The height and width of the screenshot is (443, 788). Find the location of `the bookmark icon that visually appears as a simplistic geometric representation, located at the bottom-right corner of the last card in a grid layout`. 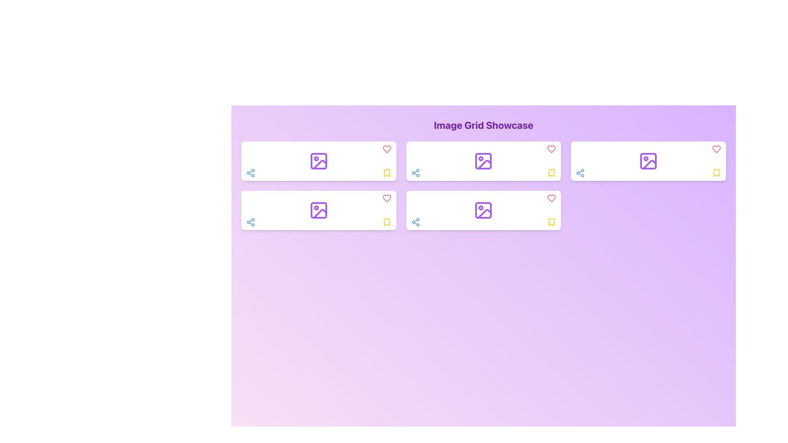

the bookmark icon that visually appears as a simplistic geometric representation, located at the bottom-right corner of the last card in a grid layout is located at coordinates (716, 172).